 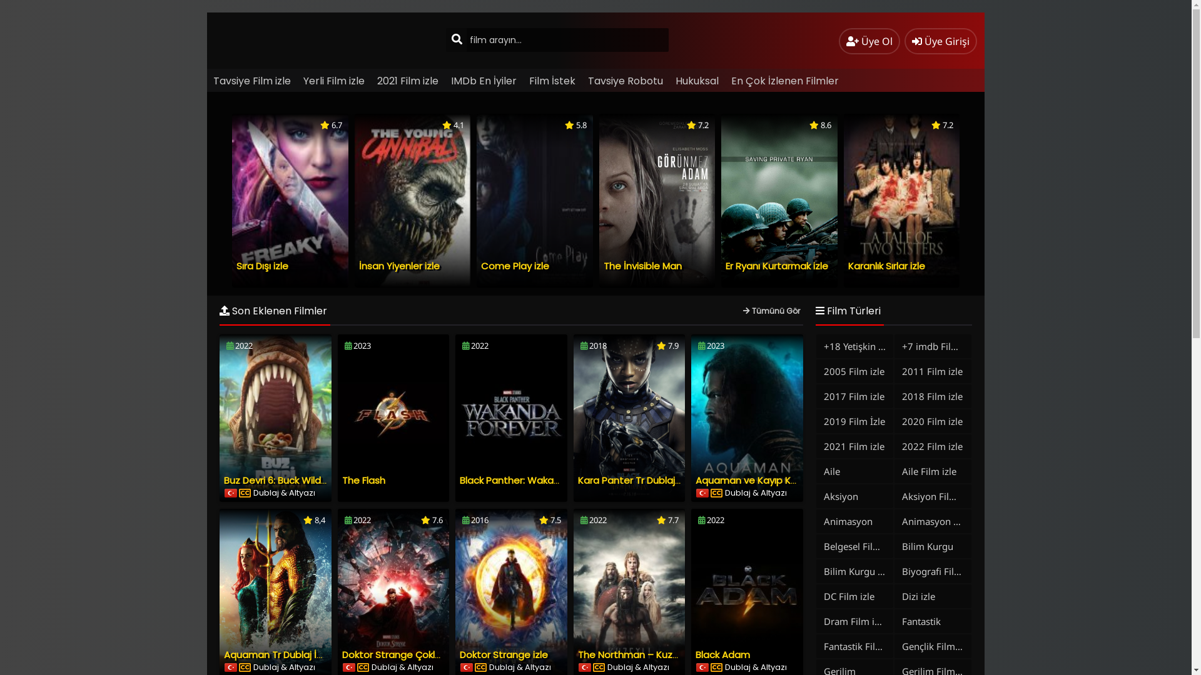 I want to click on '2018 Film izle', so click(x=933, y=396).